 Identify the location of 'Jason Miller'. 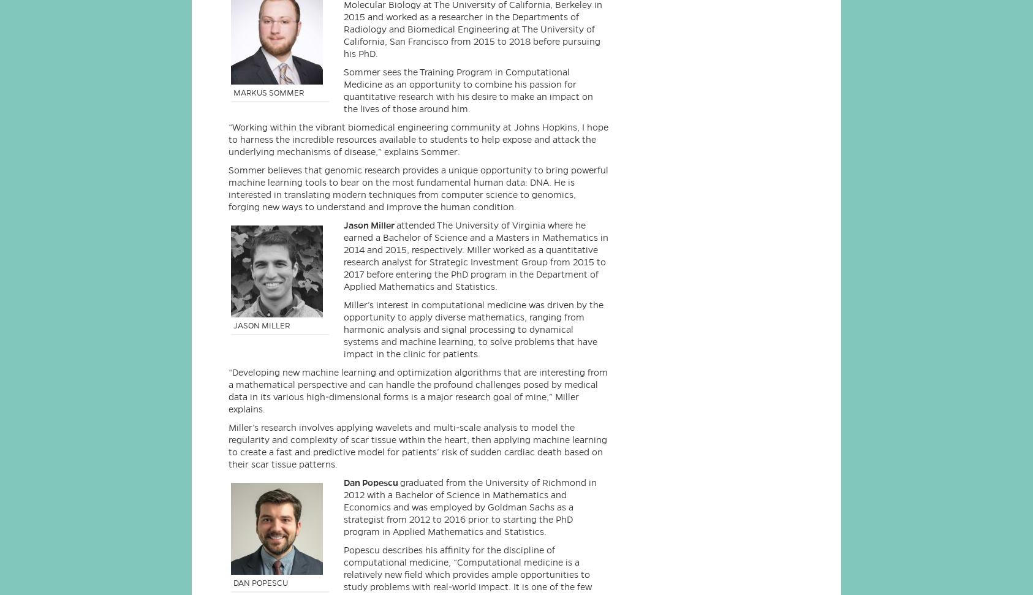
(369, 225).